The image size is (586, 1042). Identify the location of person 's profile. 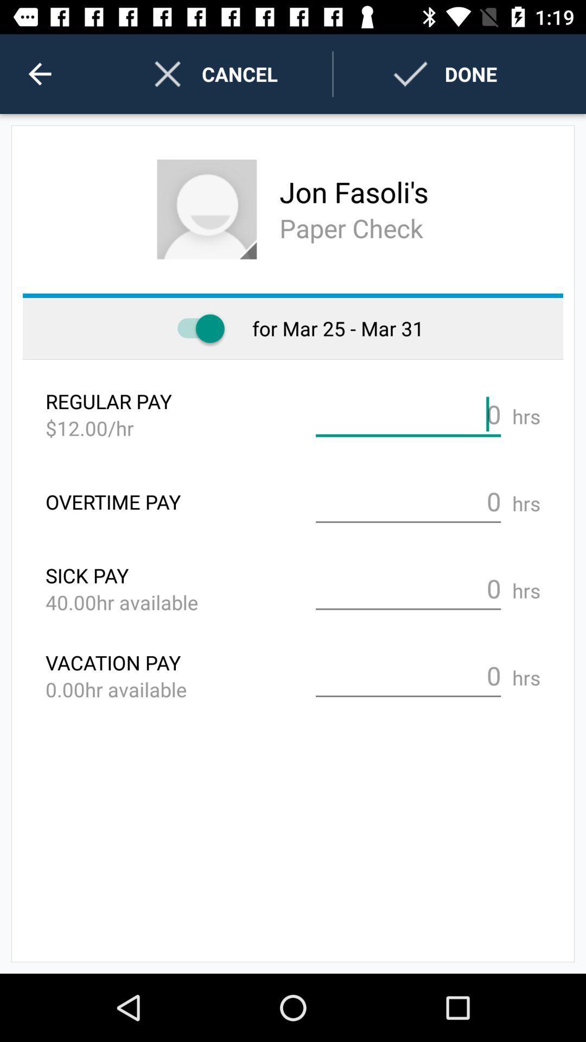
(207, 209).